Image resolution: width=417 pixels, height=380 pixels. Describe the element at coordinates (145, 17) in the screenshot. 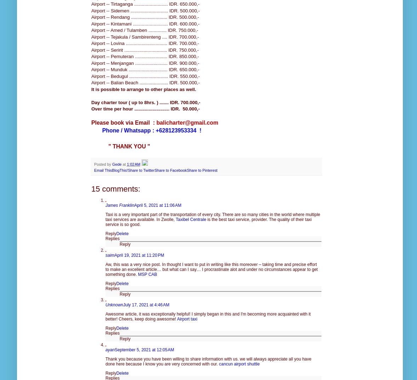

I see `'Airport -- Rendang ............................ IDR. 500.000,-'` at that location.